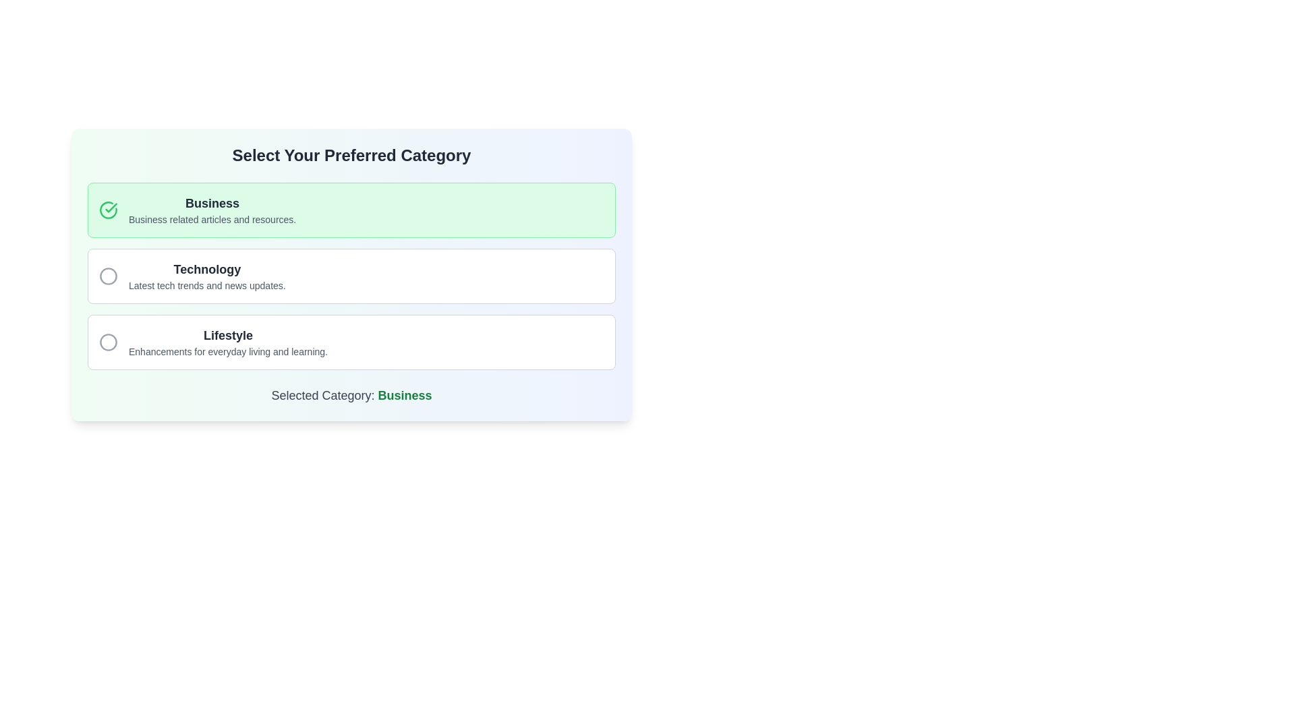 This screenshot has width=1295, height=728. I want to click on displayed category from the static text element that confirms the user's selected category, positioned below the category options, so click(351, 394).